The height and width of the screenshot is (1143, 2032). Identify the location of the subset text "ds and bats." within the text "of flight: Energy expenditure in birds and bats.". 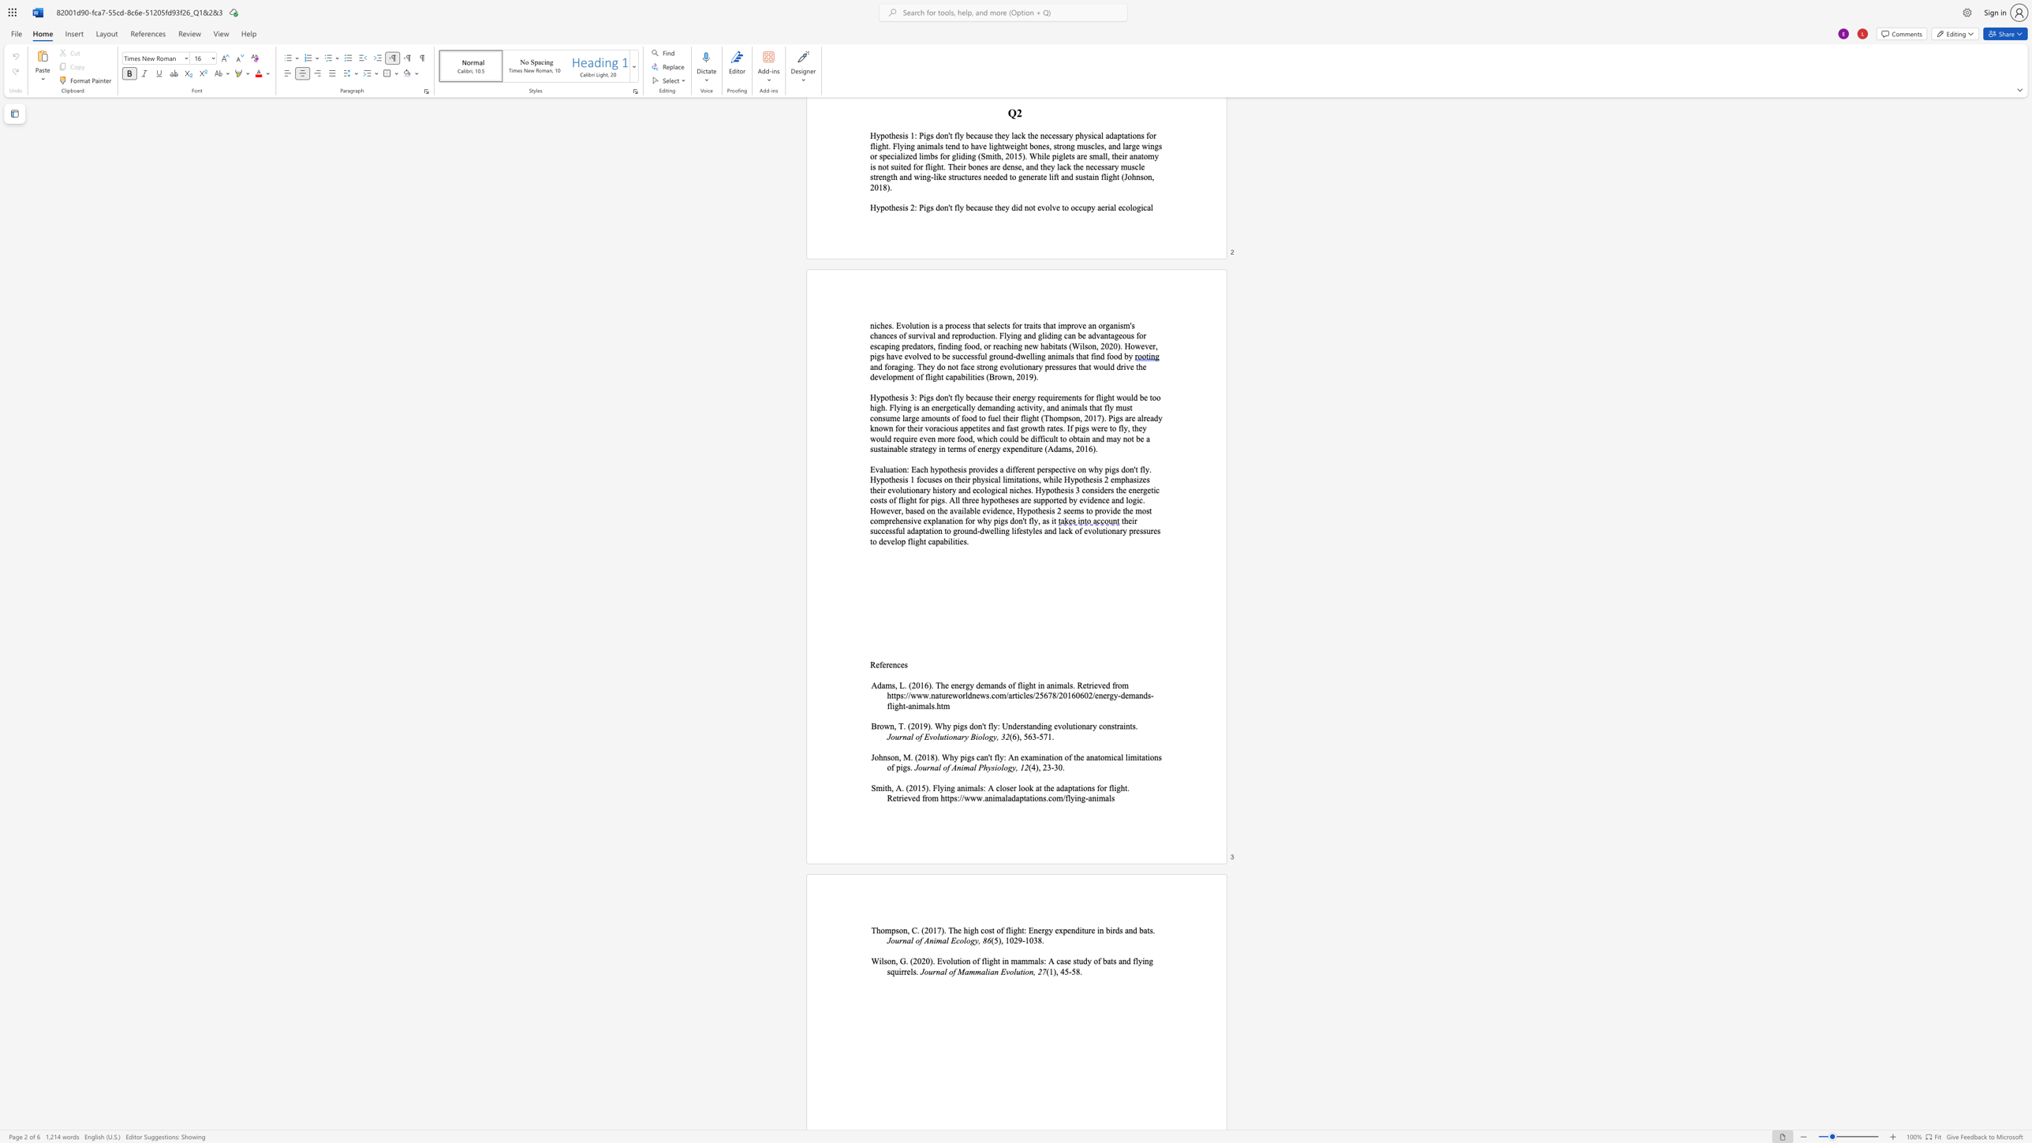
(1115, 929).